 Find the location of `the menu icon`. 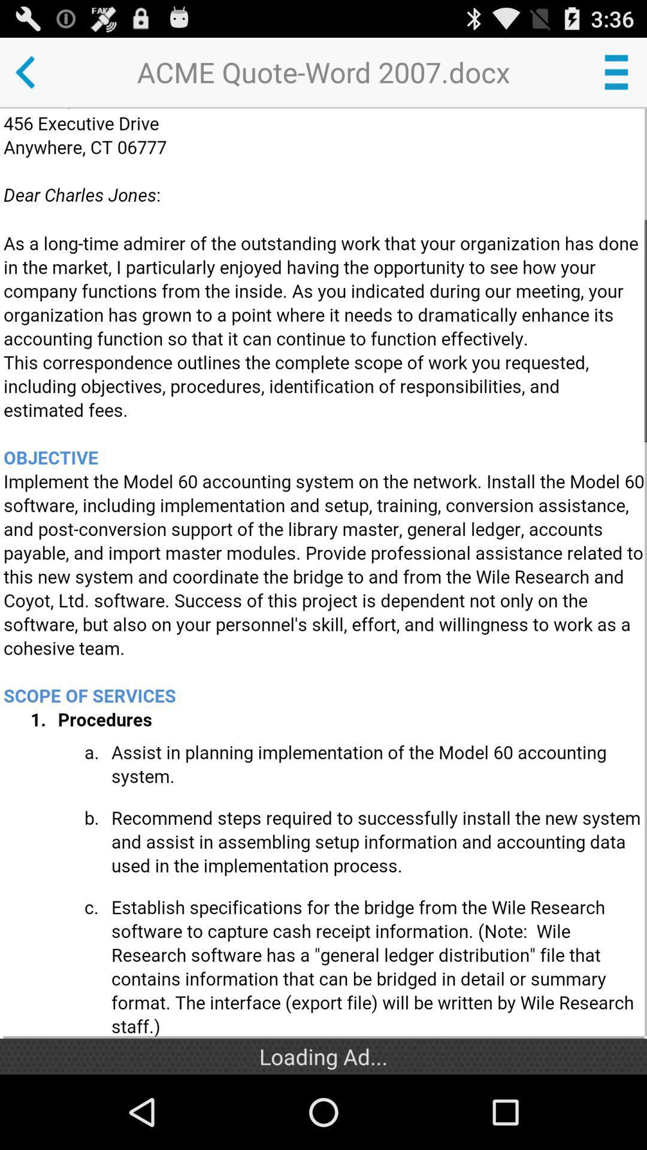

the menu icon is located at coordinates (616, 77).